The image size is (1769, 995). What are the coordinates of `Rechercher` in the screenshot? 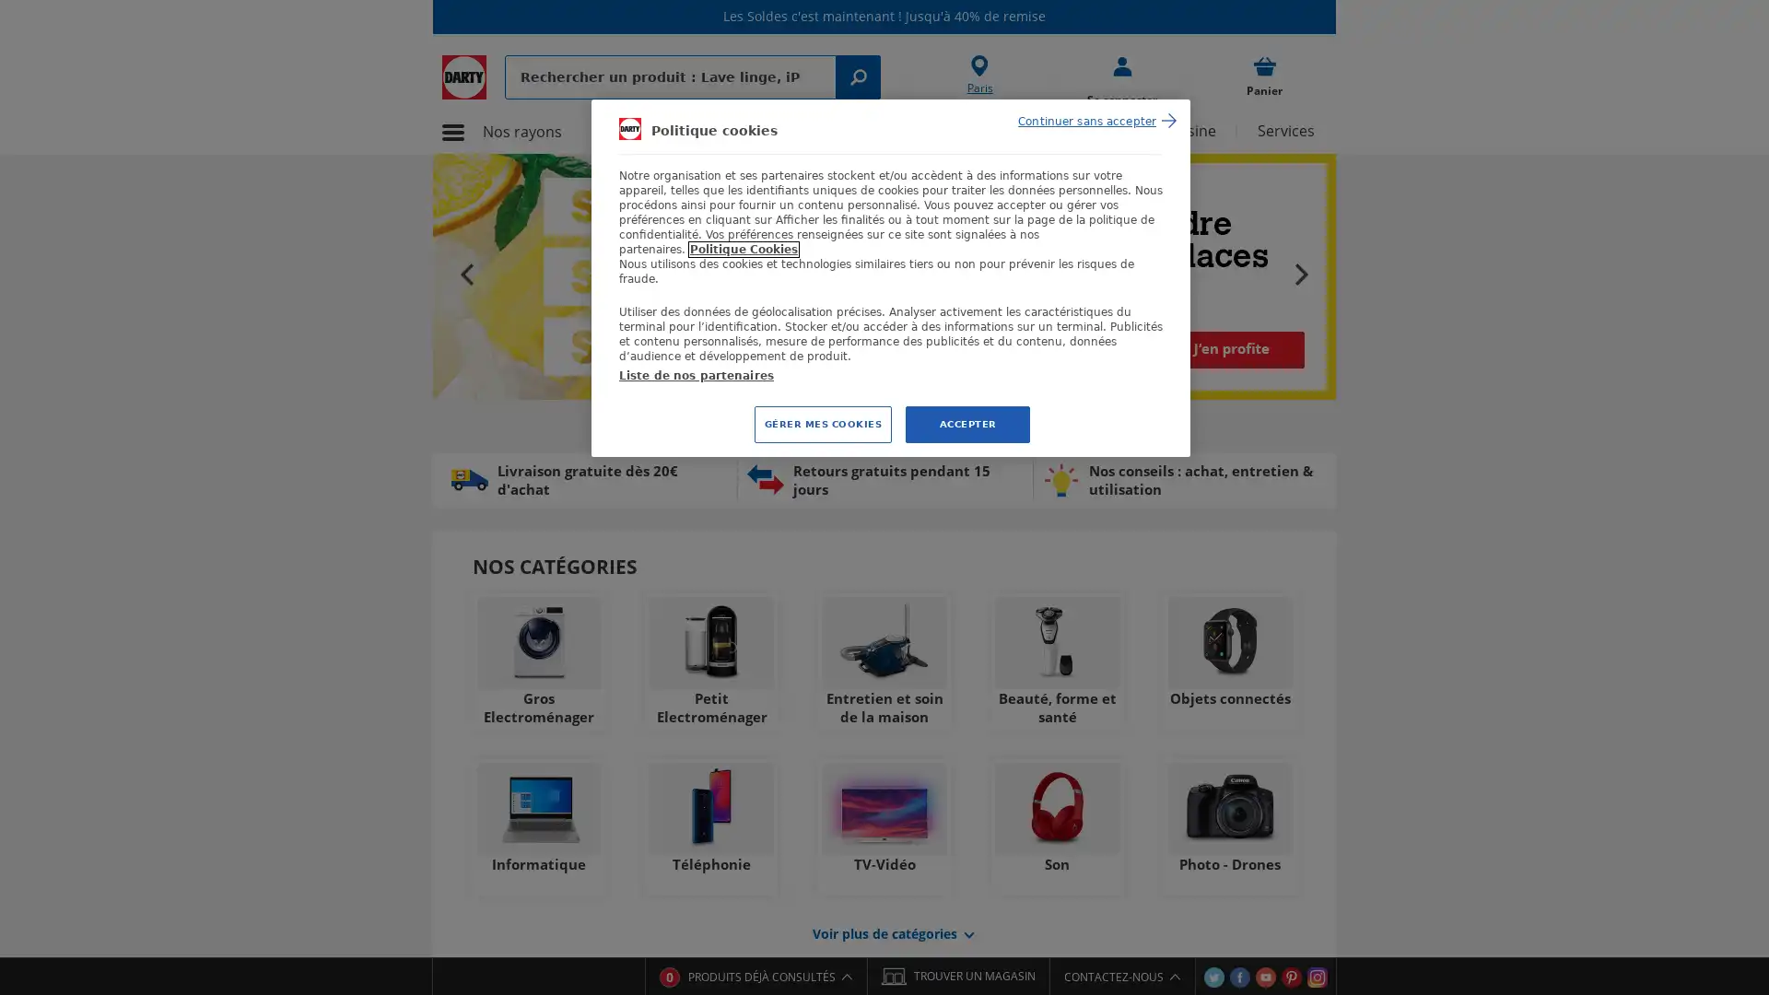 It's located at (857, 76).